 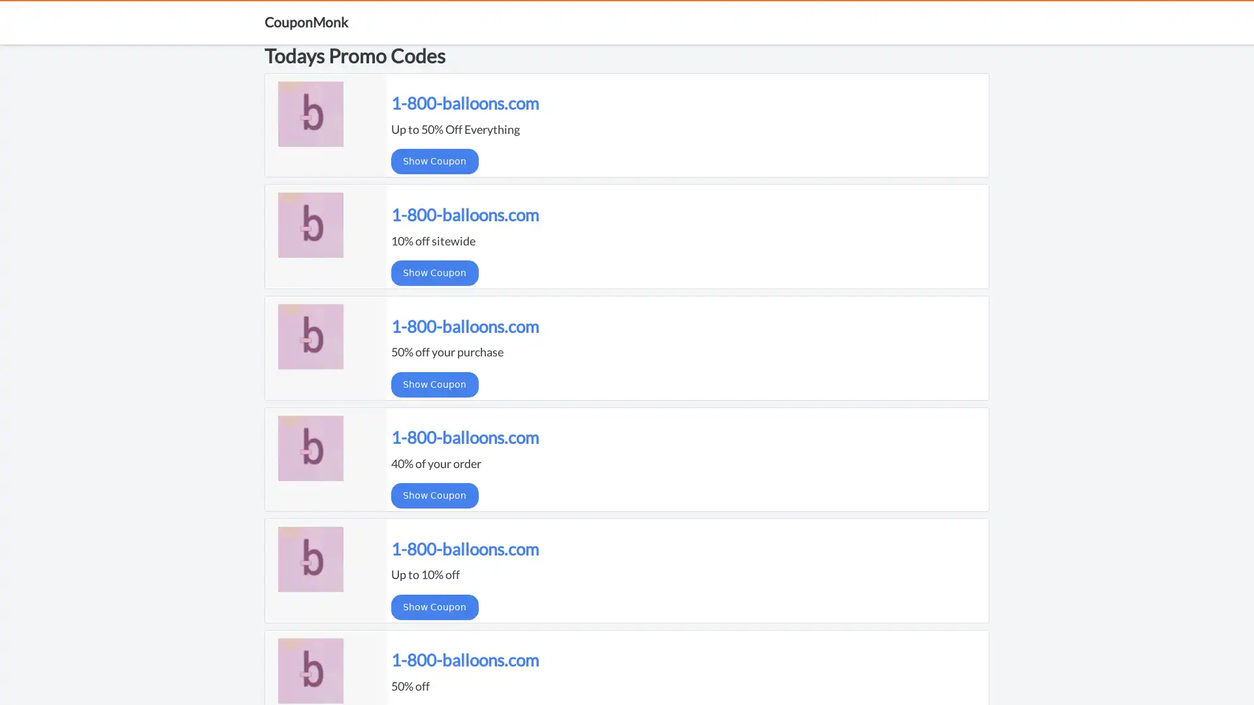 I want to click on Show Coupon, so click(x=434, y=383).